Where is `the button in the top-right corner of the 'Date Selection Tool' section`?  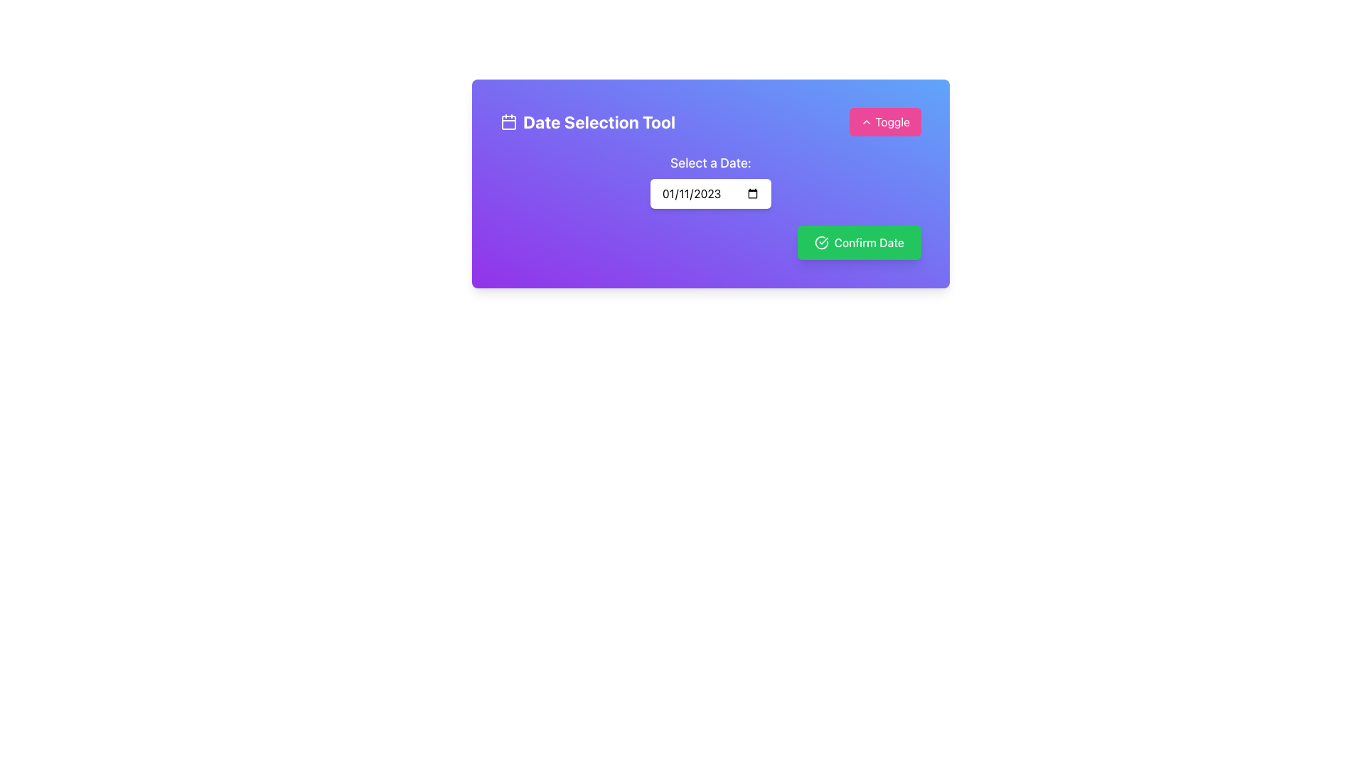 the button in the top-right corner of the 'Date Selection Tool' section is located at coordinates (884, 121).